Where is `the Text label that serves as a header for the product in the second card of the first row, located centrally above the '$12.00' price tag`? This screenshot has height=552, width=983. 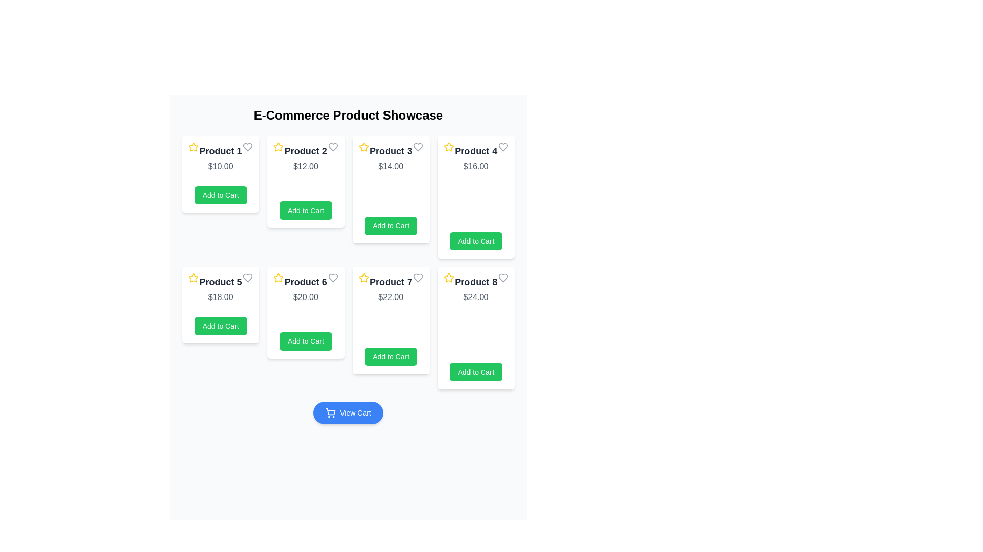
the Text label that serves as a header for the product in the second card of the first row, located centrally above the '$12.00' price tag is located at coordinates (305, 151).